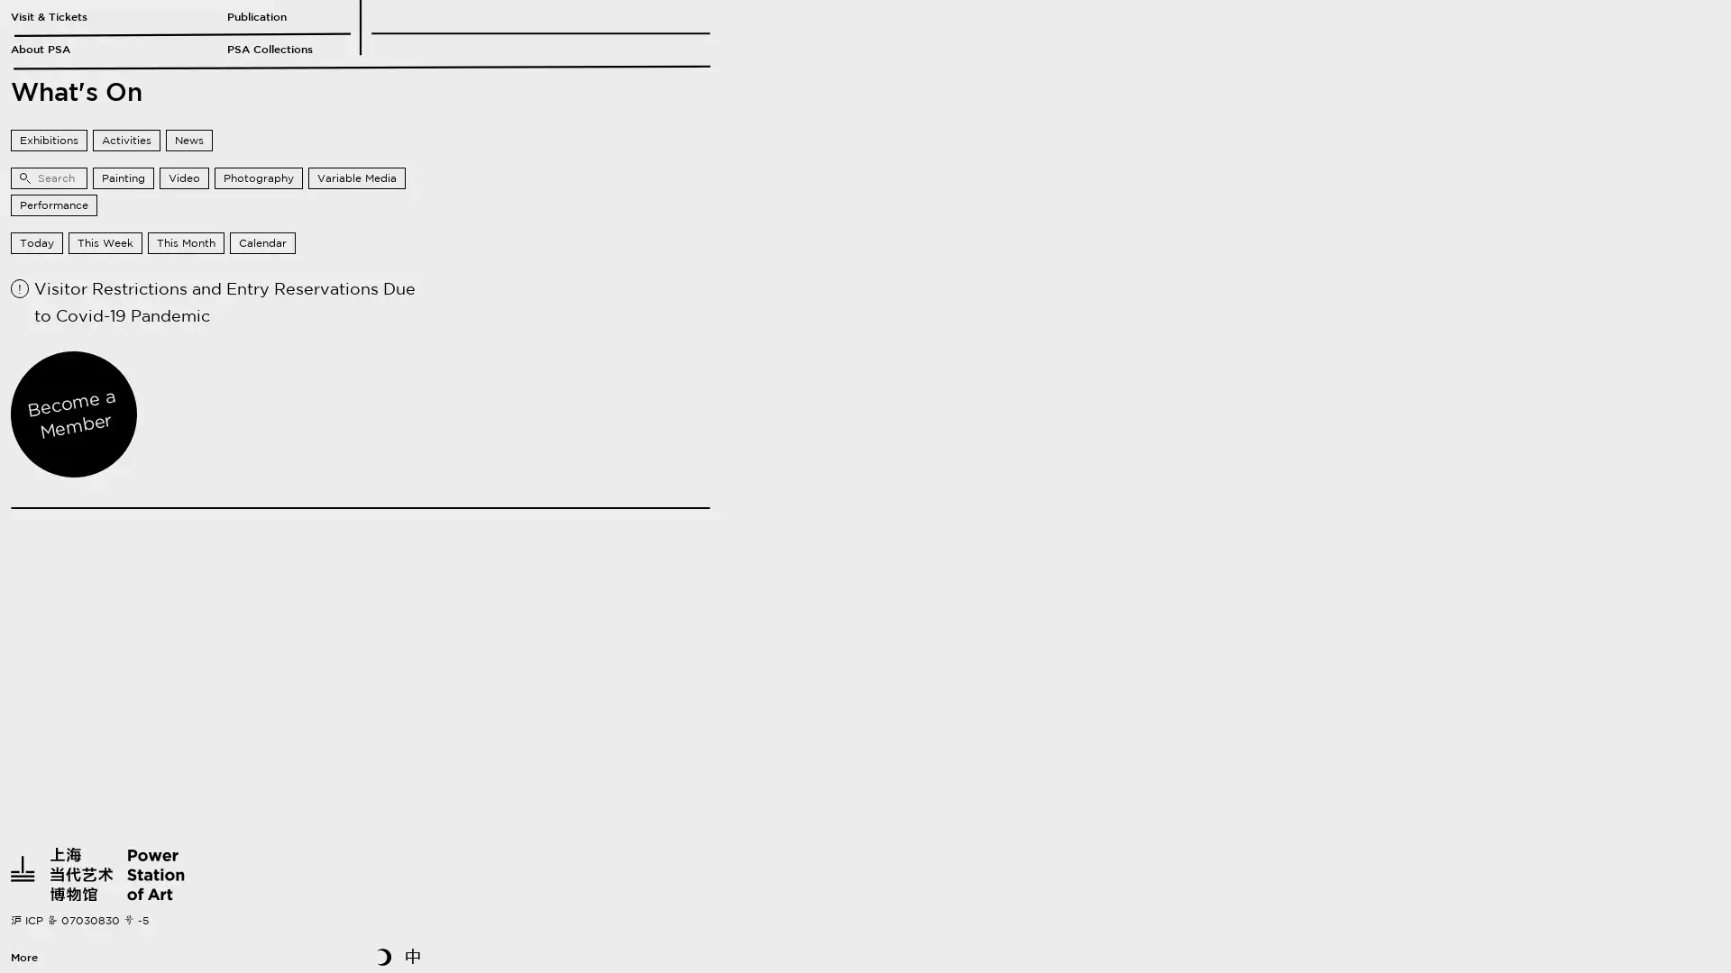 The image size is (1731, 973). What do you see at coordinates (258, 177) in the screenshot?
I see `Photography` at bounding box center [258, 177].